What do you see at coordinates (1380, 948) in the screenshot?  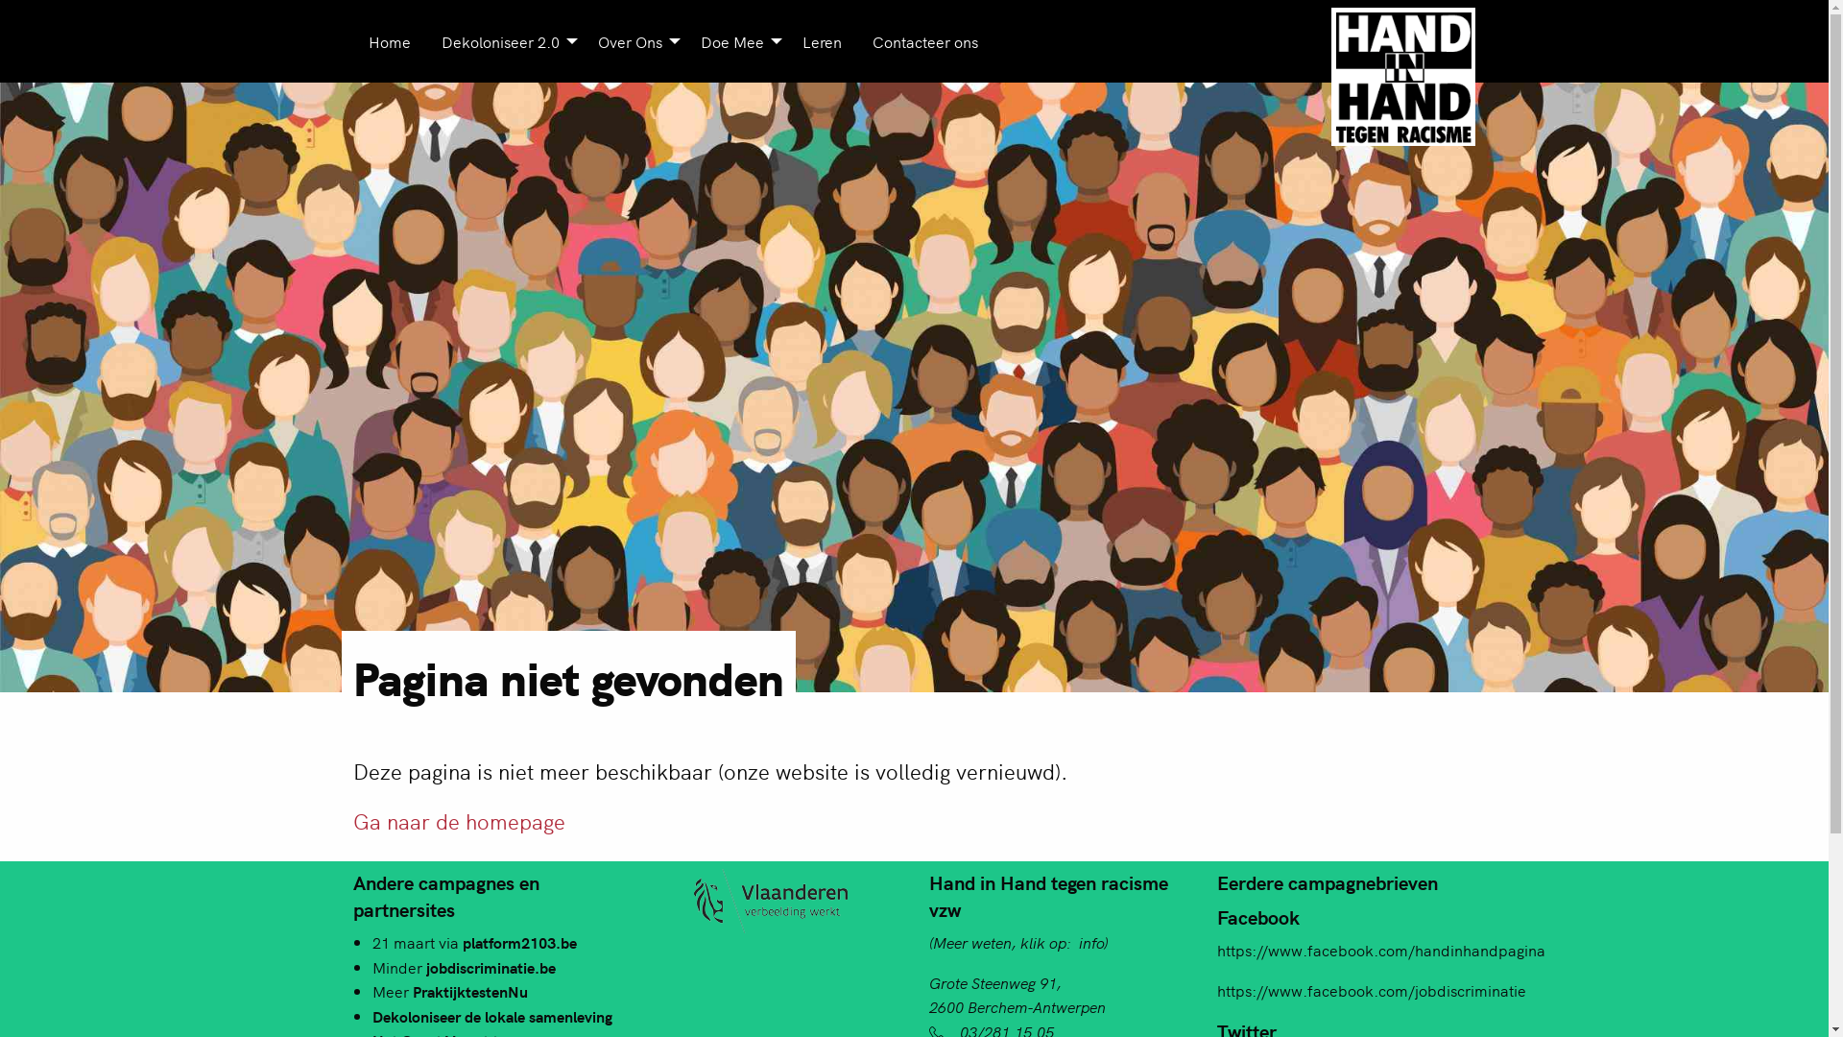 I see `'https://www.facebook.com/handinhandpagina'` at bounding box center [1380, 948].